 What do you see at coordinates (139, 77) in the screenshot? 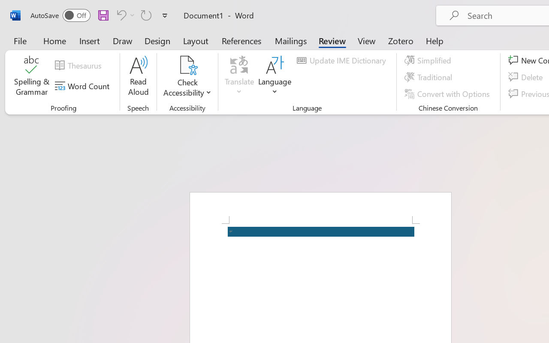
I see `'Read Aloud'` at bounding box center [139, 77].